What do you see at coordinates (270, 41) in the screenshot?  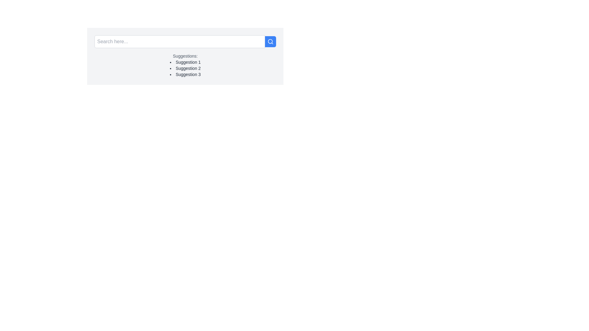 I see `the search button located at the far right end of the input group` at bounding box center [270, 41].